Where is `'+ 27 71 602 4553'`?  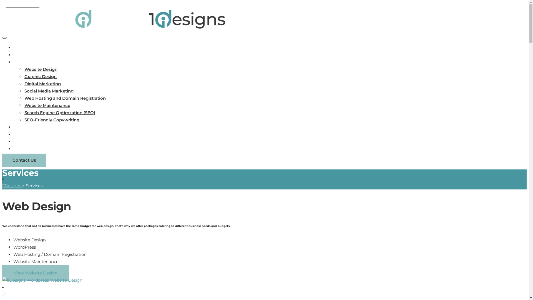 '+ 27 71 602 4553' is located at coordinates (21, 6).